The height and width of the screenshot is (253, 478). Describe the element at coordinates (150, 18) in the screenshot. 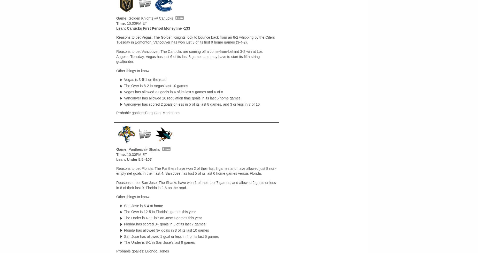

I see `'Golden Knights @ Canucks'` at that location.